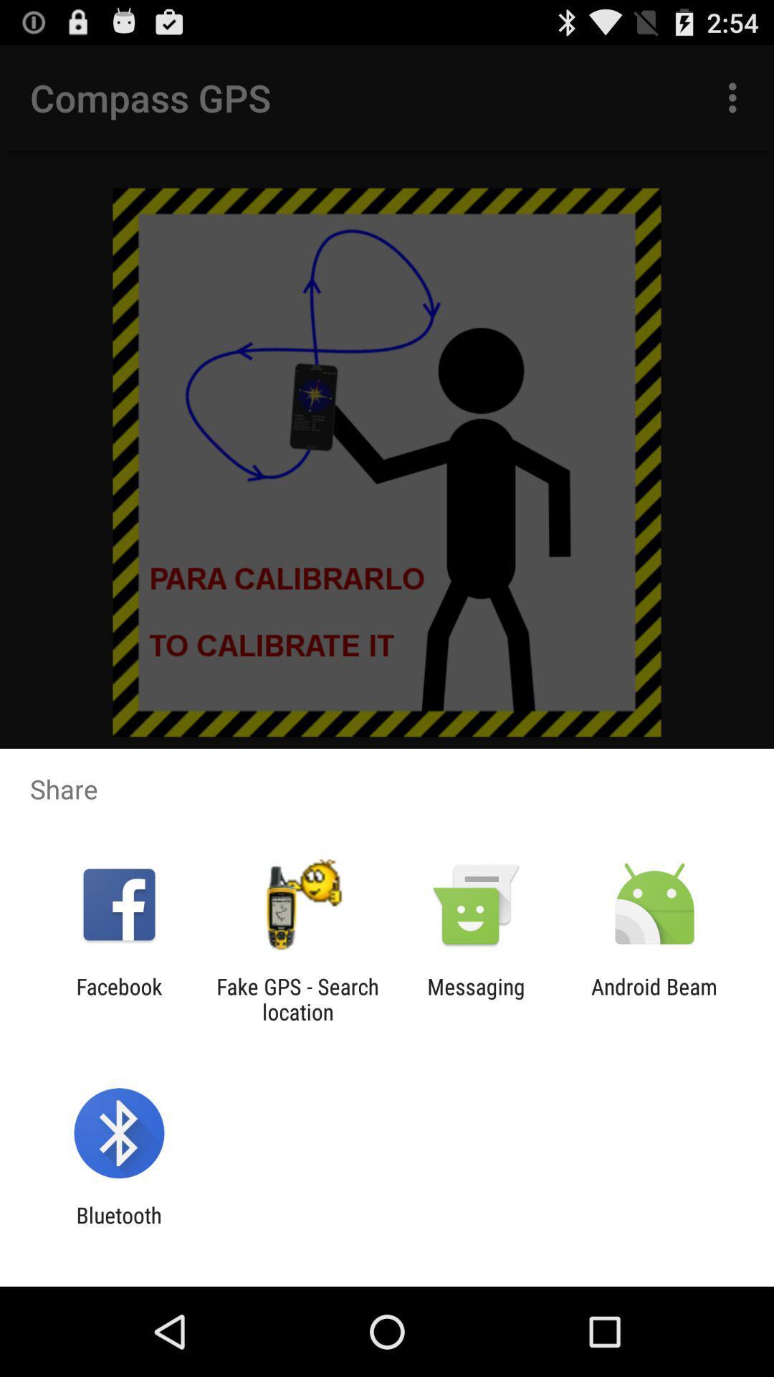 This screenshot has height=1377, width=774. I want to click on the fake gps search app, so click(297, 998).